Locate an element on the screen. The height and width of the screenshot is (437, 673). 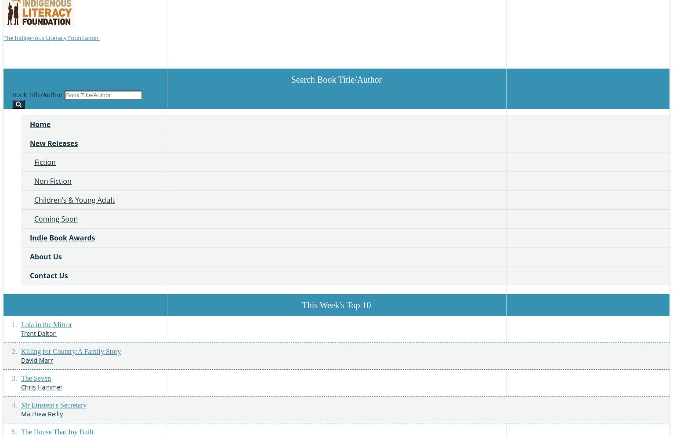
'Chris Hammer' is located at coordinates (41, 386).